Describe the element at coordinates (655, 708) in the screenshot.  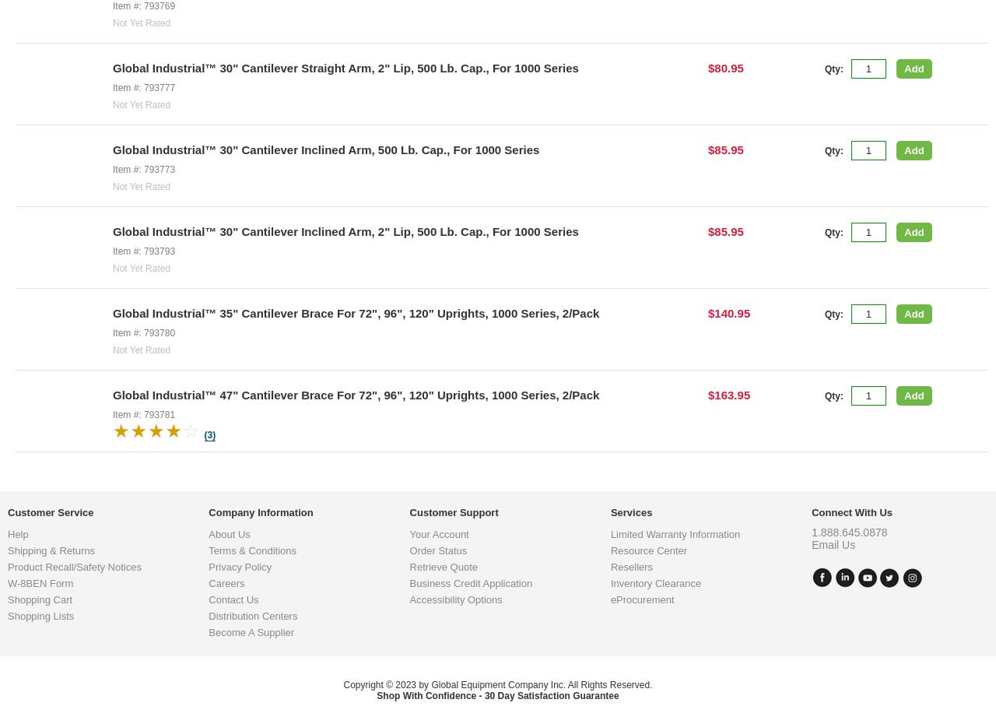
I see `'Inventory Clearance'` at that location.